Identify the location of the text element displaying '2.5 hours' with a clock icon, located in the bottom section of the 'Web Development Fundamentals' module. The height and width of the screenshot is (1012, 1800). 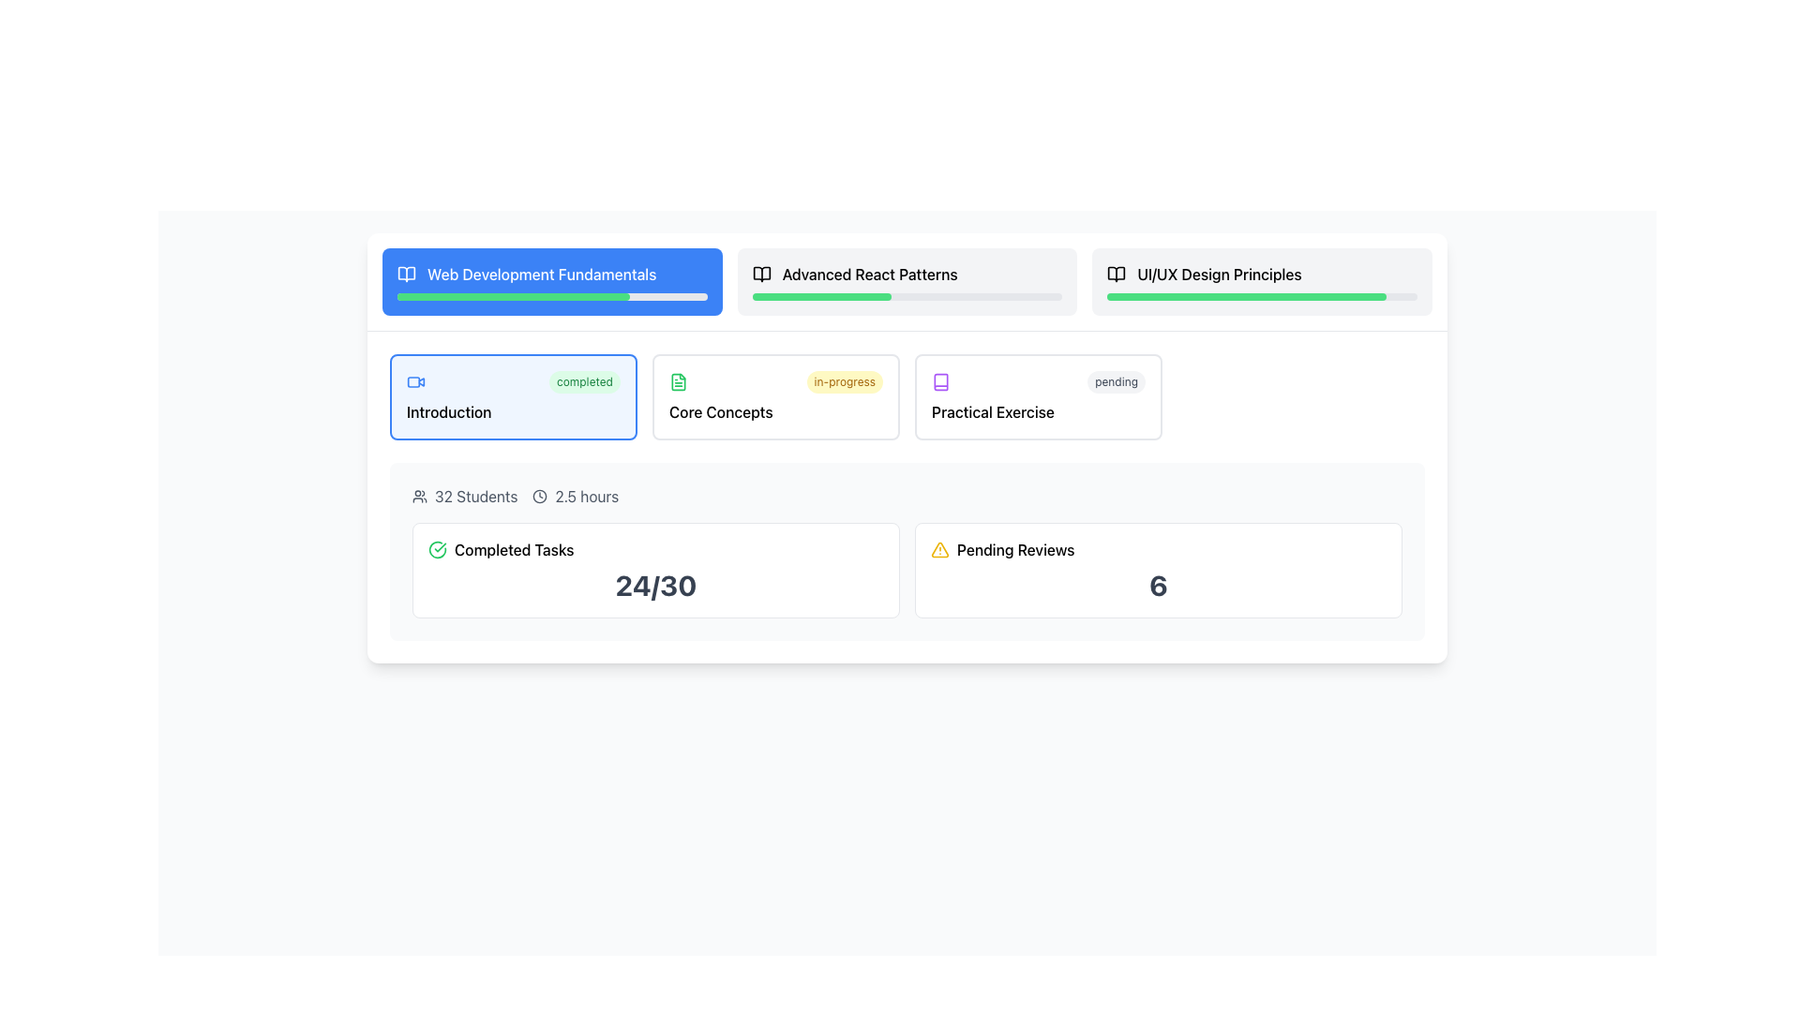
(575, 495).